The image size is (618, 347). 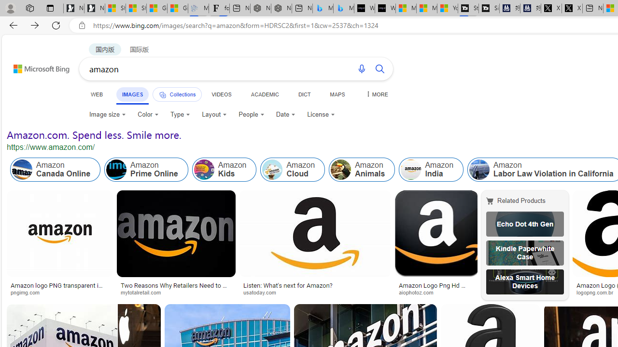 What do you see at coordinates (252, 114) in the screenshot?
I see `'People'` at bounding box center [252, 114].